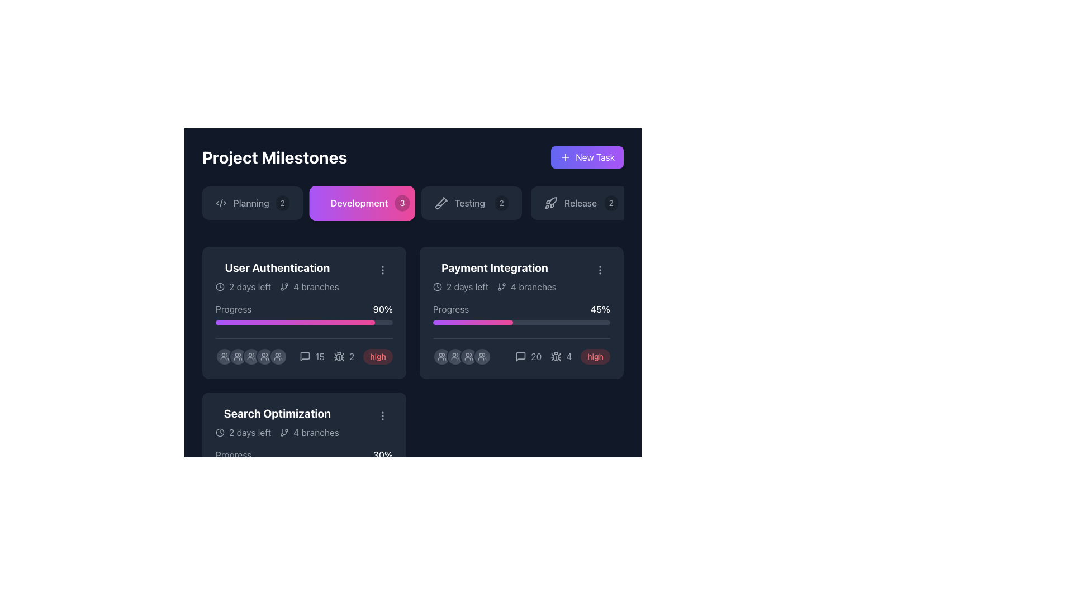  Describe the element at coordinates (469, 357) in the screenshot. I see `the user group icon, which is a gray line-based vector illustration consisting of two figures, located below the 'Payment Integration' card in the project milestone interface` at that location.